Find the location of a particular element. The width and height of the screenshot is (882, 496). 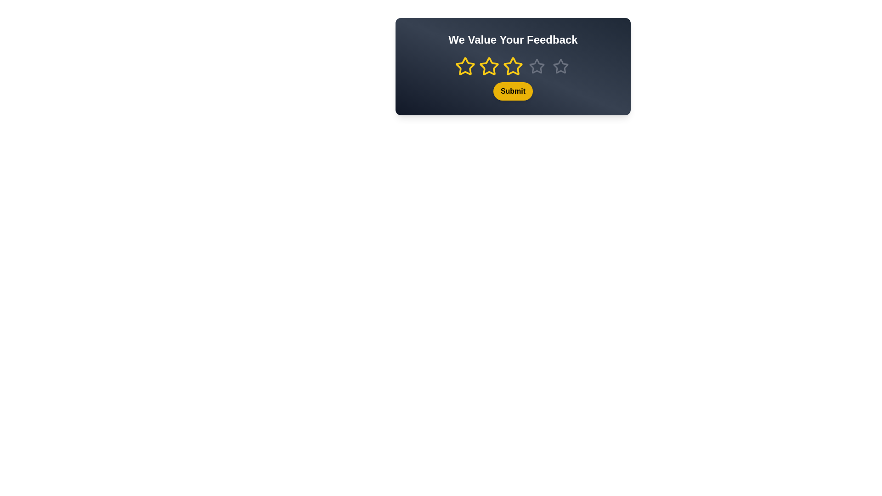

the 'Submit' button with a yellow background and black text to trigger the color change effect is located at coordinates (513, 91).